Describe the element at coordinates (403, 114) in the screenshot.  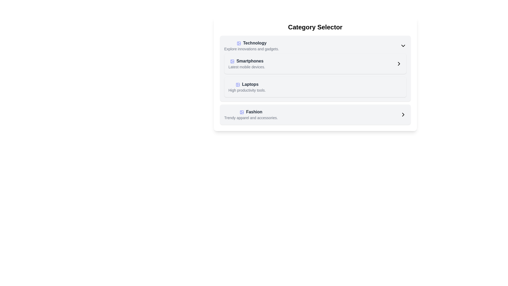
I see `the Chevron Right Navigation icon located in the bottom-right of the Fashion category section` at that location.